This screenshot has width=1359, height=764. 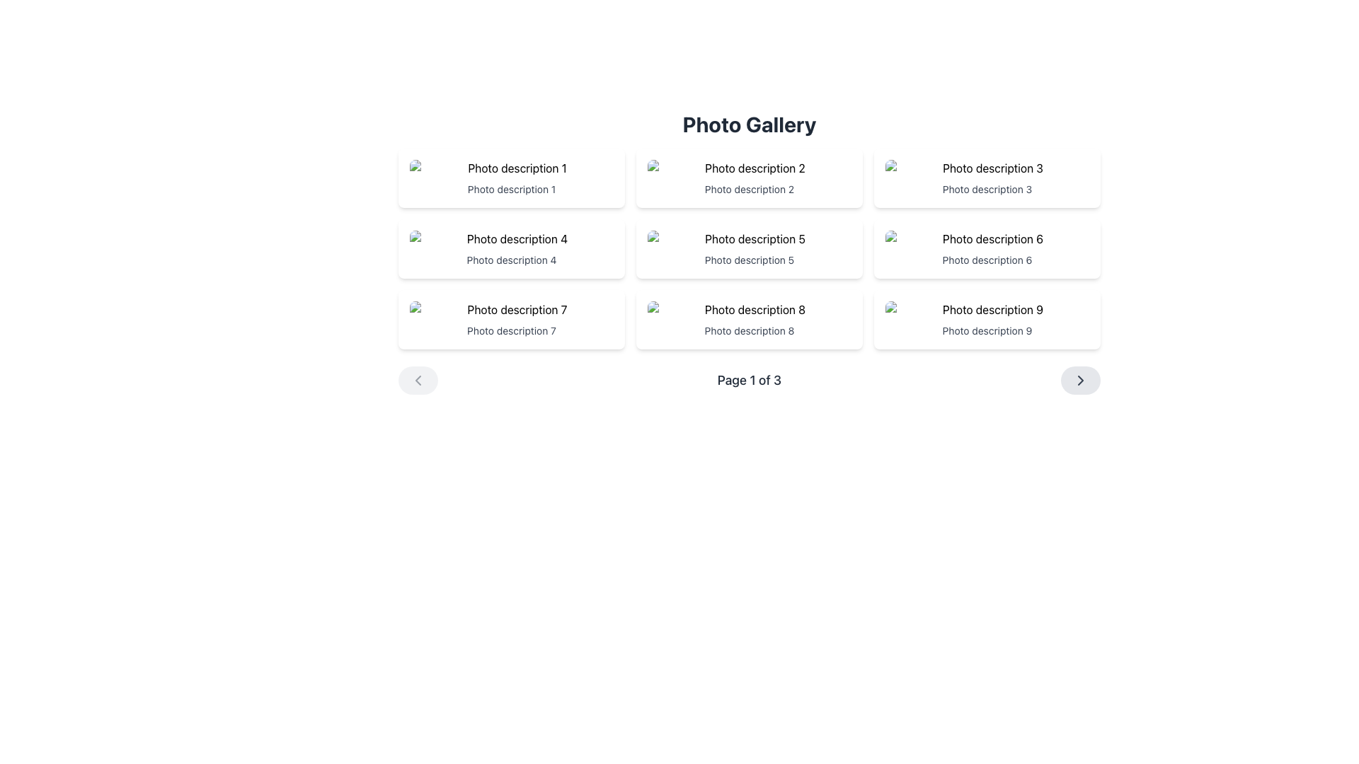 I want to click on the photo gallery card that displays a preview image and description, located in the second column of the first row, between 'Photo description 1' and 'Photo description 3', so click(x=749, y=177).